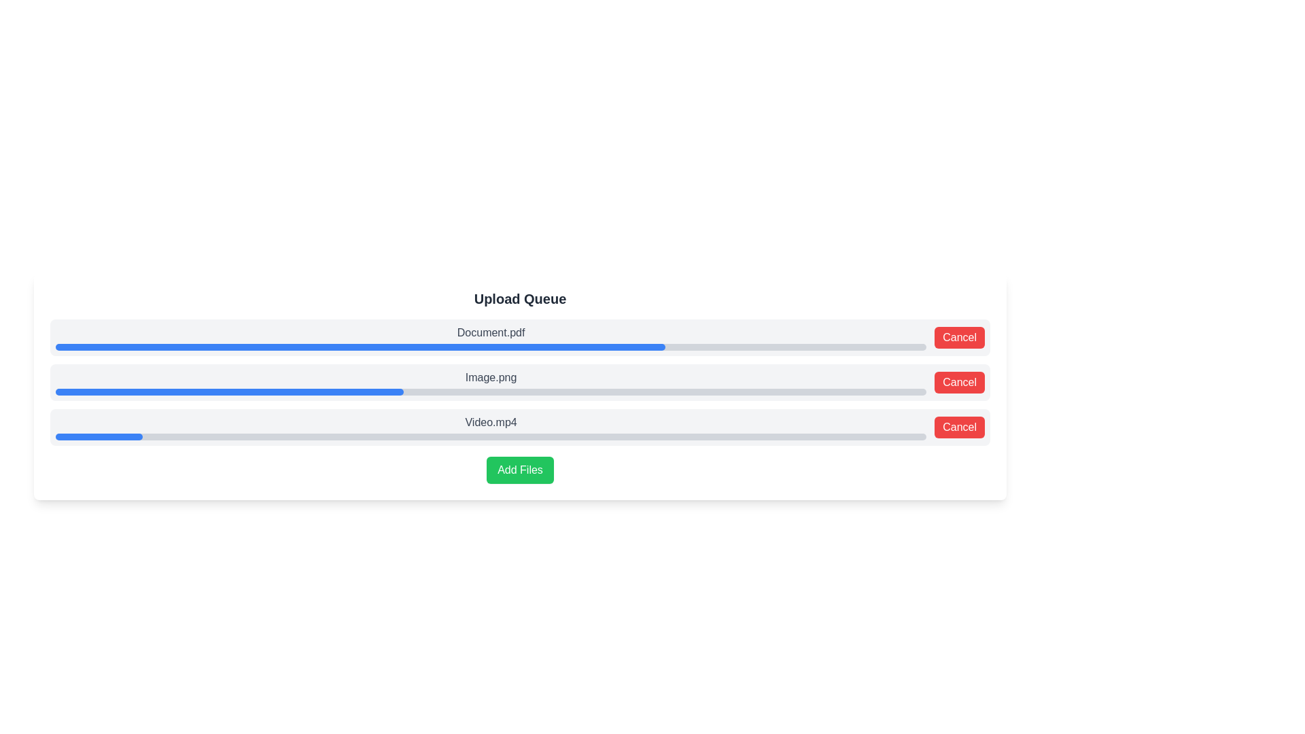  I want to click on the label displaying the name of the file being uploaded, which is positioned above the progress bars and to the left of the 'Cancel' button, so click(490, 337).